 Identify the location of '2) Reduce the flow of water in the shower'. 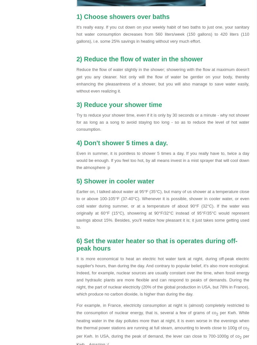
(76, 59).